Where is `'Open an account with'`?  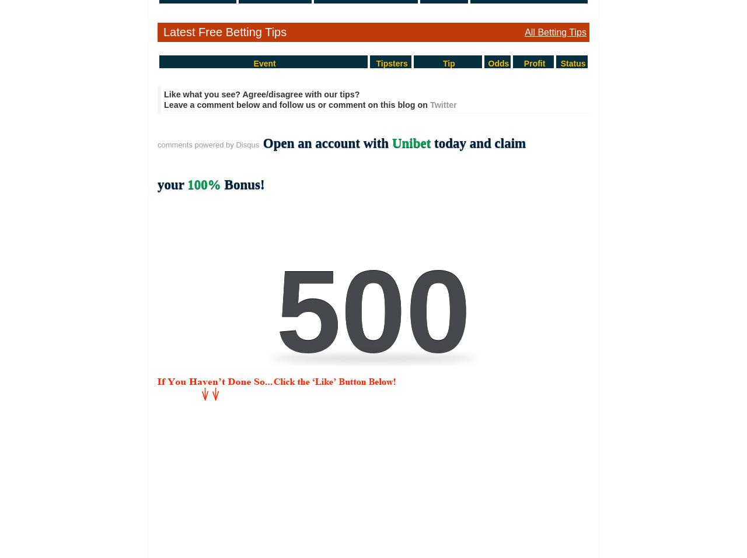 'Open an account with' is located at coordinates (327, 142).